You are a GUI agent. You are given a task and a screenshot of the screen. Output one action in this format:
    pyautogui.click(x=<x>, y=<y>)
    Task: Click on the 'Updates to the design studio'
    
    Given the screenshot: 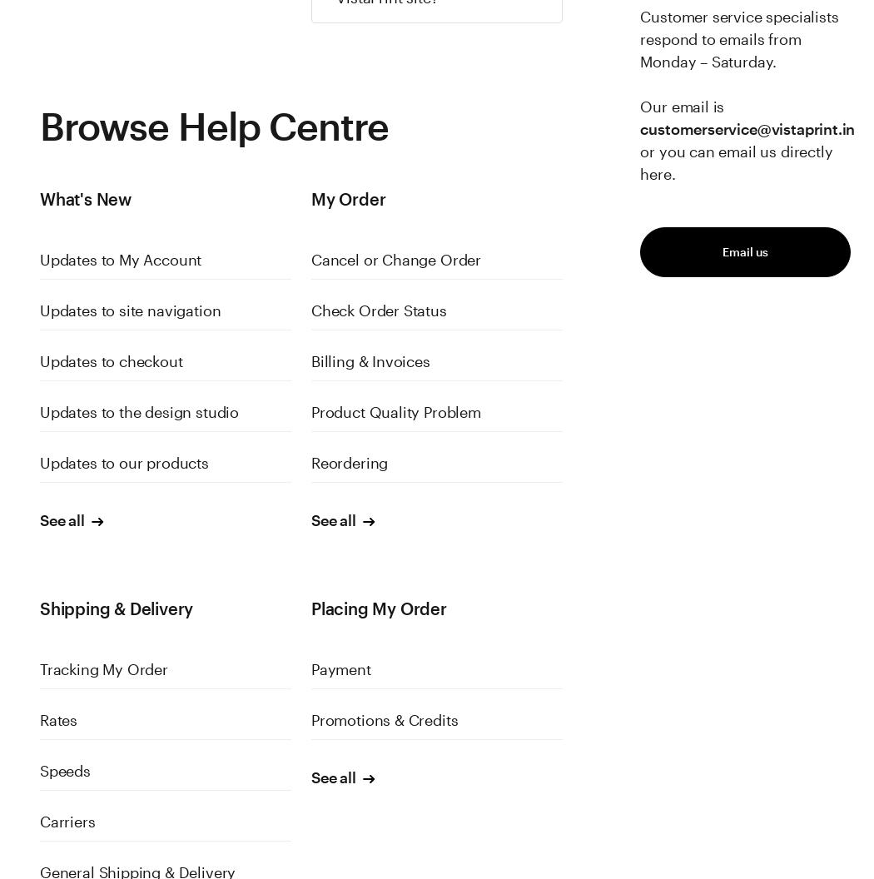 What is the action you would take?
    pyautogui.click(x=138, y=411)
    